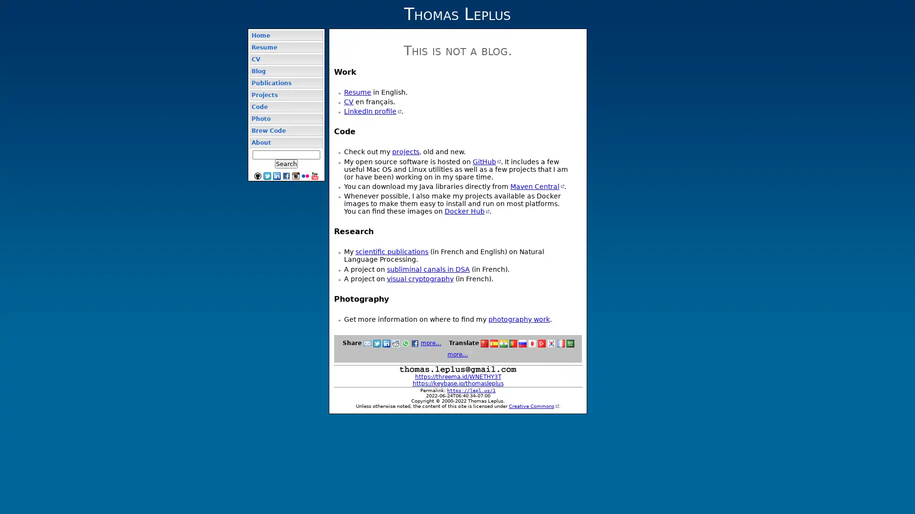 This screenshot has width=915, height=514. I want to click on Search, so click(285, 163).